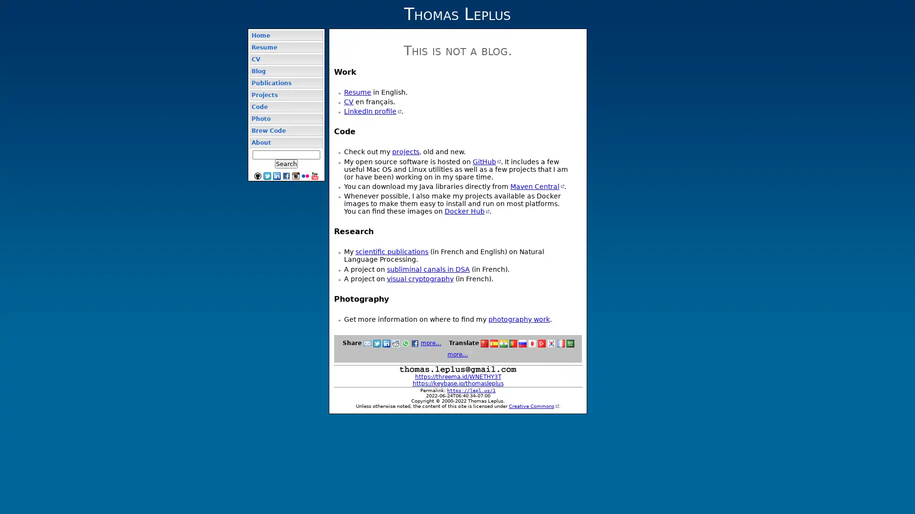 This screenshot has width=915, height=514. I want to click on Search, so click(285, 163).